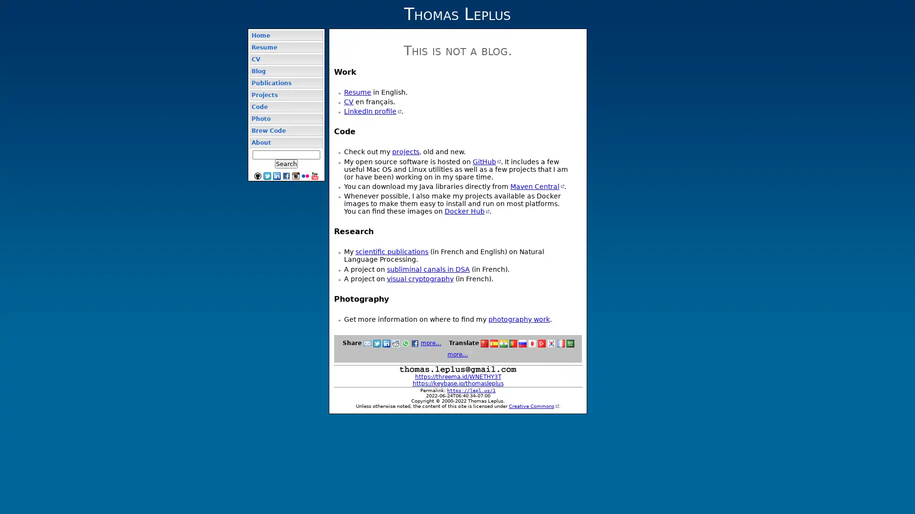 This screenshot has width=915, height=514. I want to click on Search, so click(285, 163).